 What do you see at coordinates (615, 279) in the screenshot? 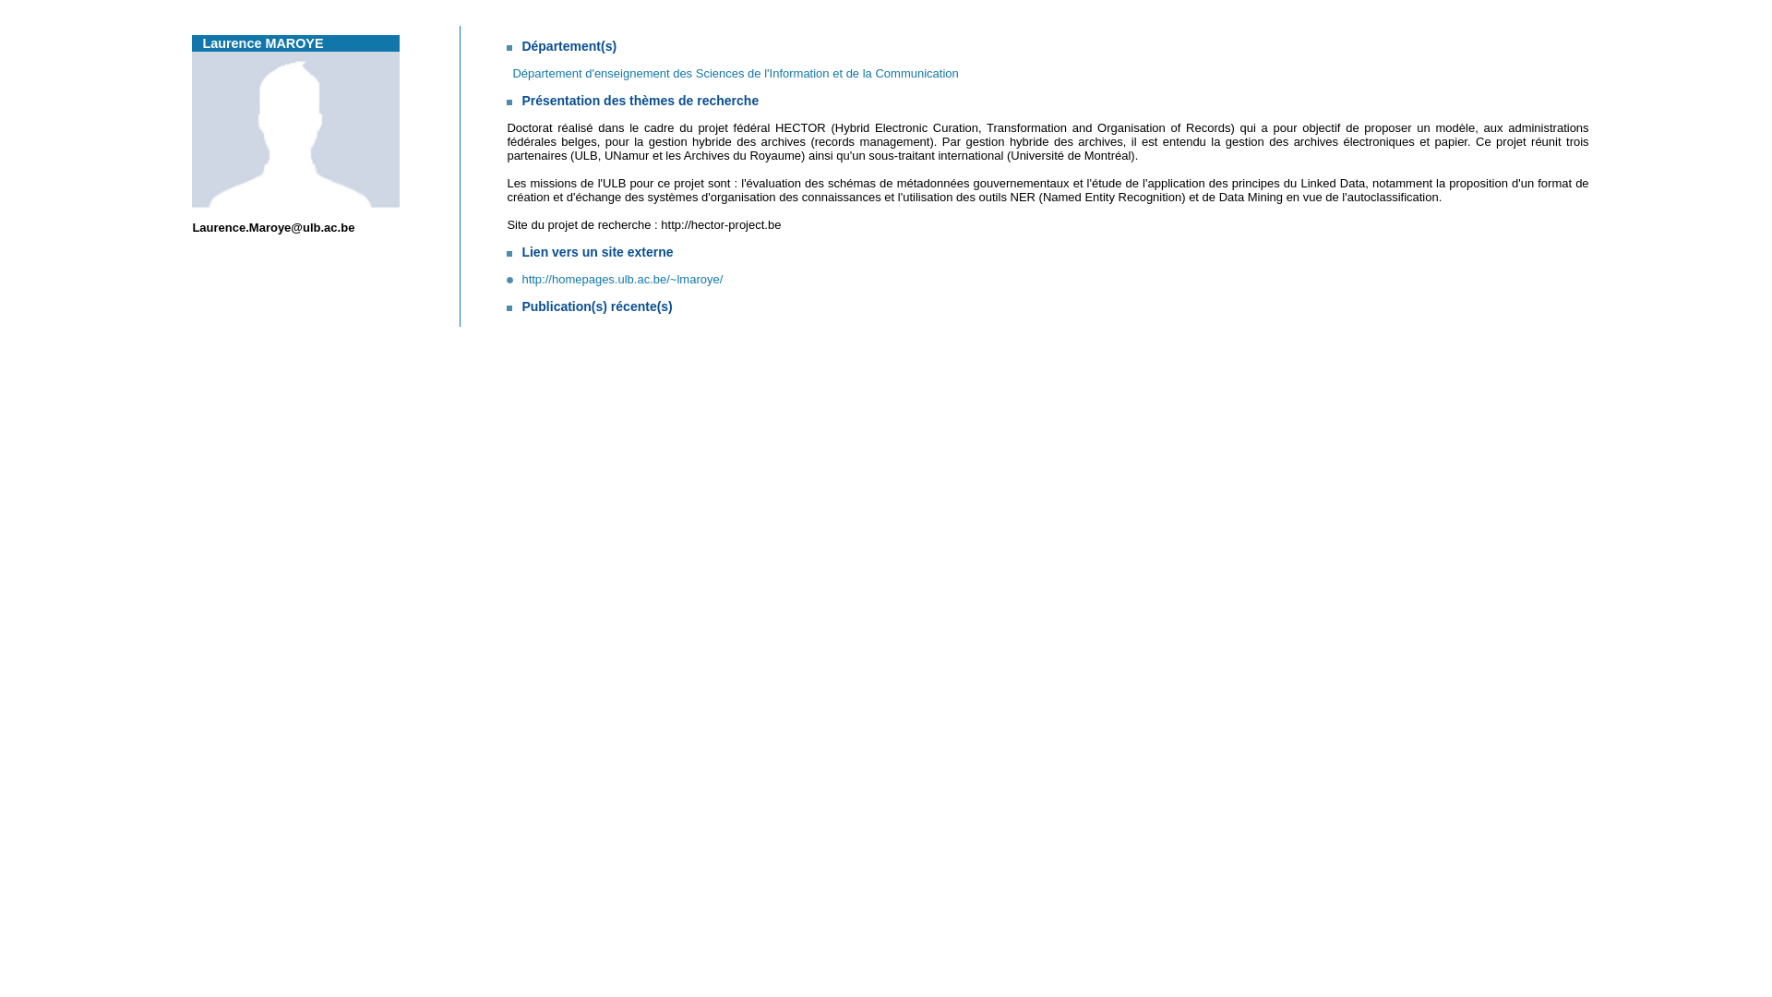
I see `'http://homepages.ulb.ac.be/~lmaroye/'` at bounding box center [615, 279].